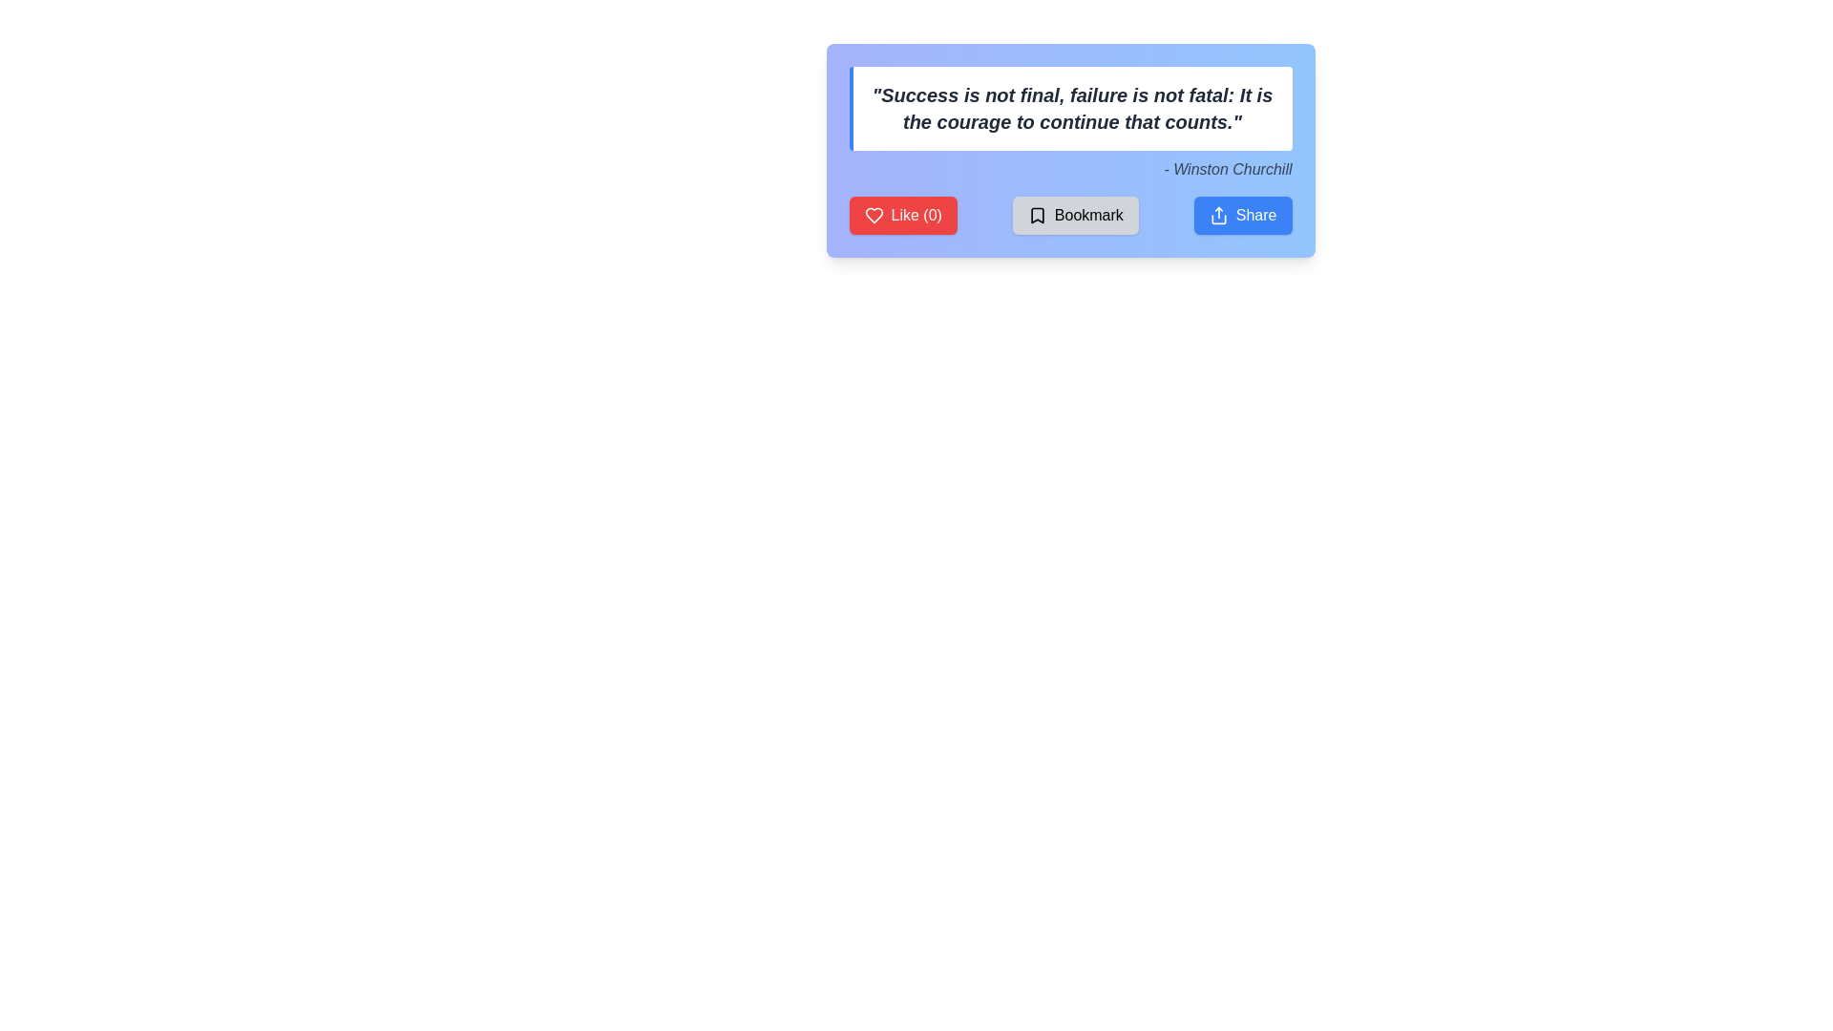 Image resolution: width=1833 pixels, height=1031 pixels. Describe the element at coordinates (1036, 215) in the screenshot. I see `the bookmark icon, which is a minimalistic outline design resembling an inverted triangle, located in the toolbar labeled 'Bookmark' between 'Like' and 'Share' buttons` at that location.